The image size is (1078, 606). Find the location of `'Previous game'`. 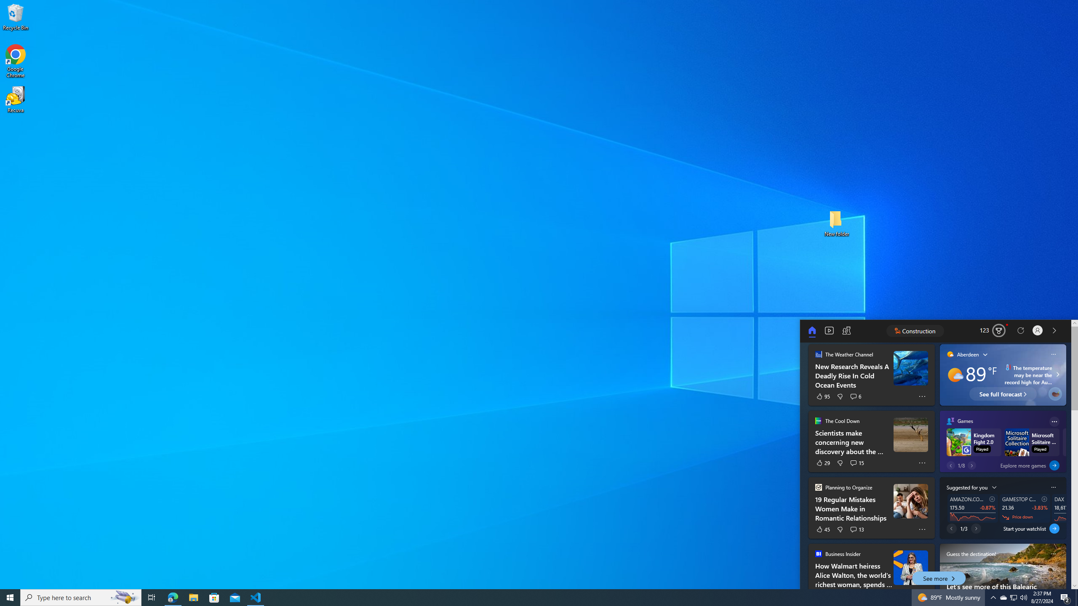

'Previous game' is located at coordinates (950, 465).